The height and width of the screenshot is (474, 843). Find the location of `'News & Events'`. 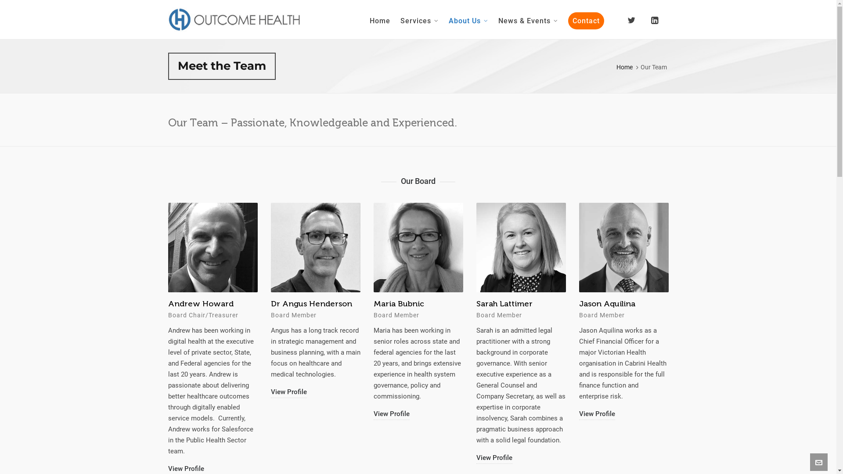

'News & Events' is located at coordinates (528, 20).